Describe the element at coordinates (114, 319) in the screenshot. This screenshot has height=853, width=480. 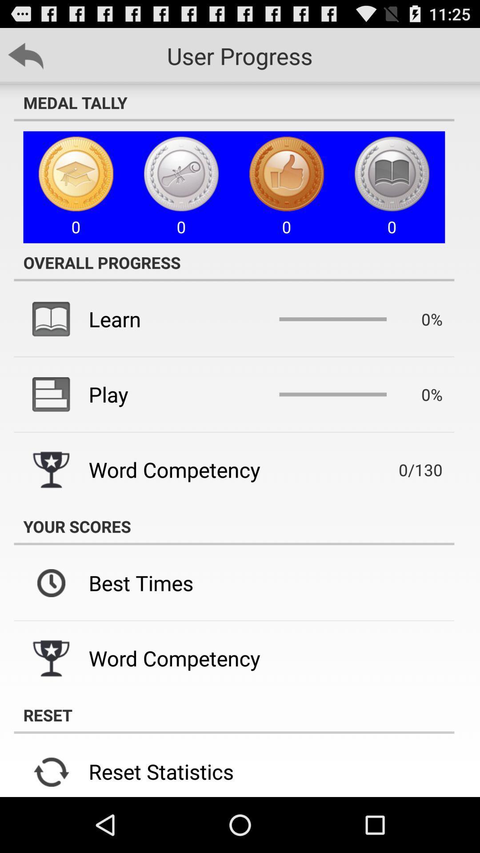
I see `learn icon` at that location.